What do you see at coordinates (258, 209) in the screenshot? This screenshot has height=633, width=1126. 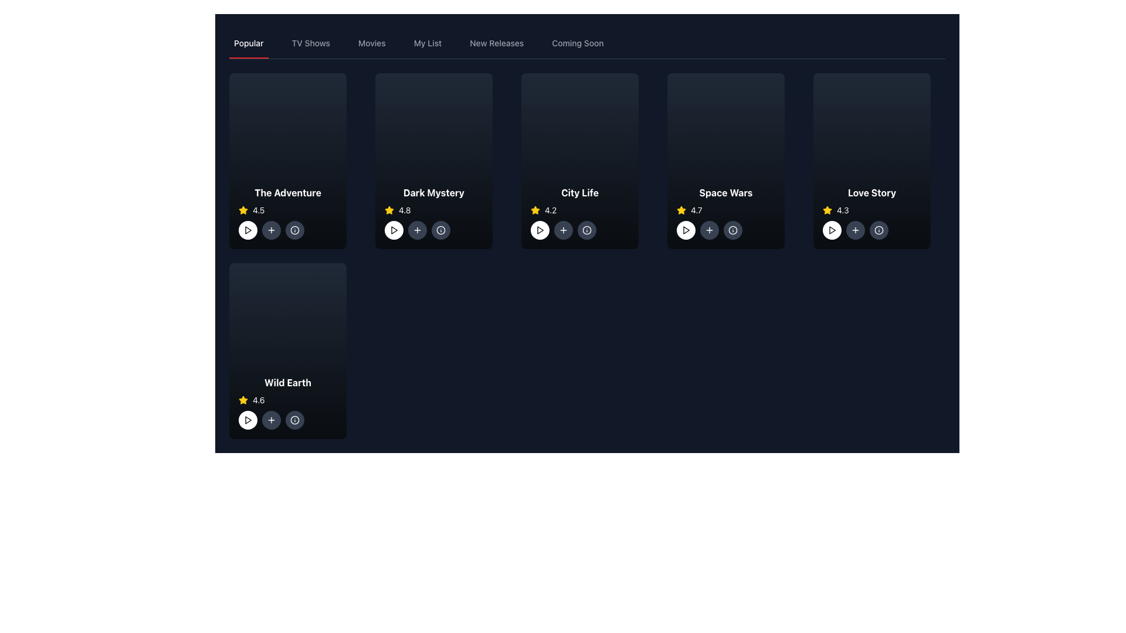 I see `text displaying '4.5' in white font against a dark background, located below the title 'The Adventure' in the grid` at bounding box center [258, 209].